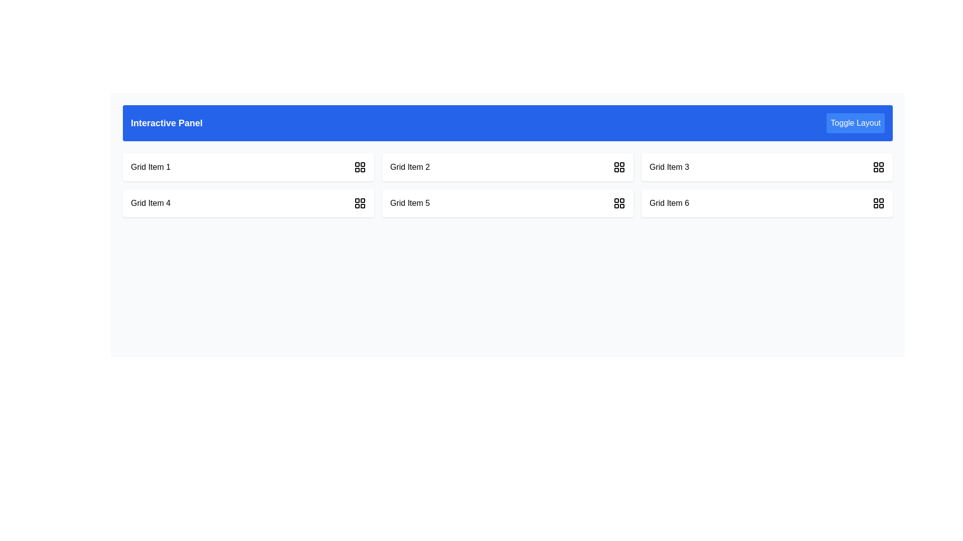 The height and width of the screenshot is (541, 963). Describe the element at coordinates (150, 167) in the screenshot. I see `the text label displaying 'Grid Item 1', which is a black regular font label located at the leftmost position of the first row within a card-like structure` at that location.